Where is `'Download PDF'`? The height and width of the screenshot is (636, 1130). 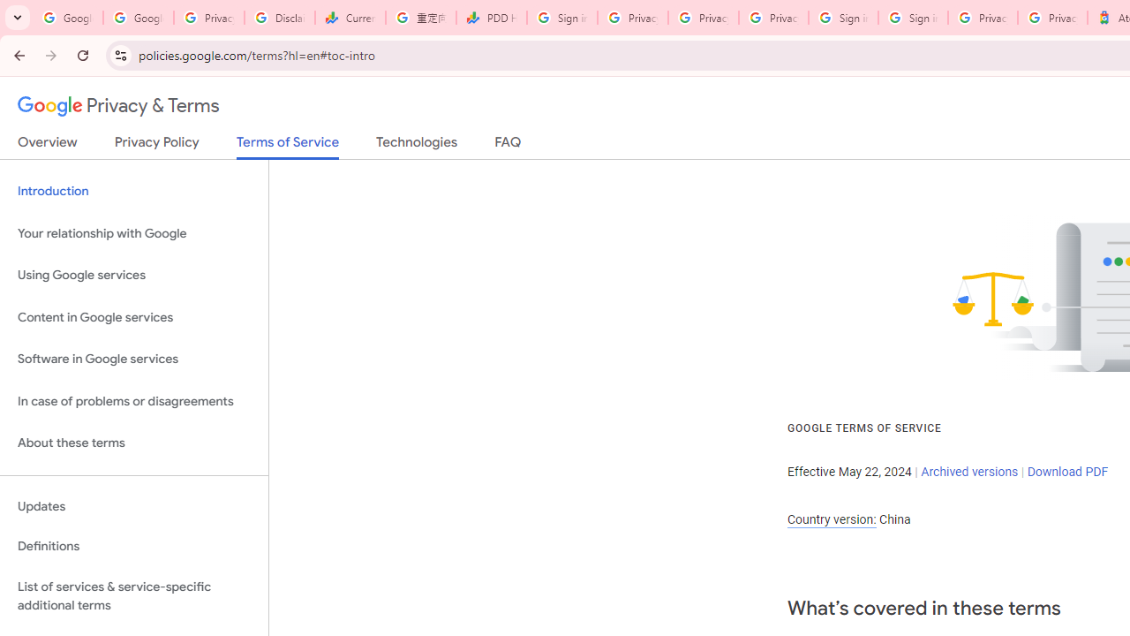 'Download PDF' is located at coordinates (1066, 470).